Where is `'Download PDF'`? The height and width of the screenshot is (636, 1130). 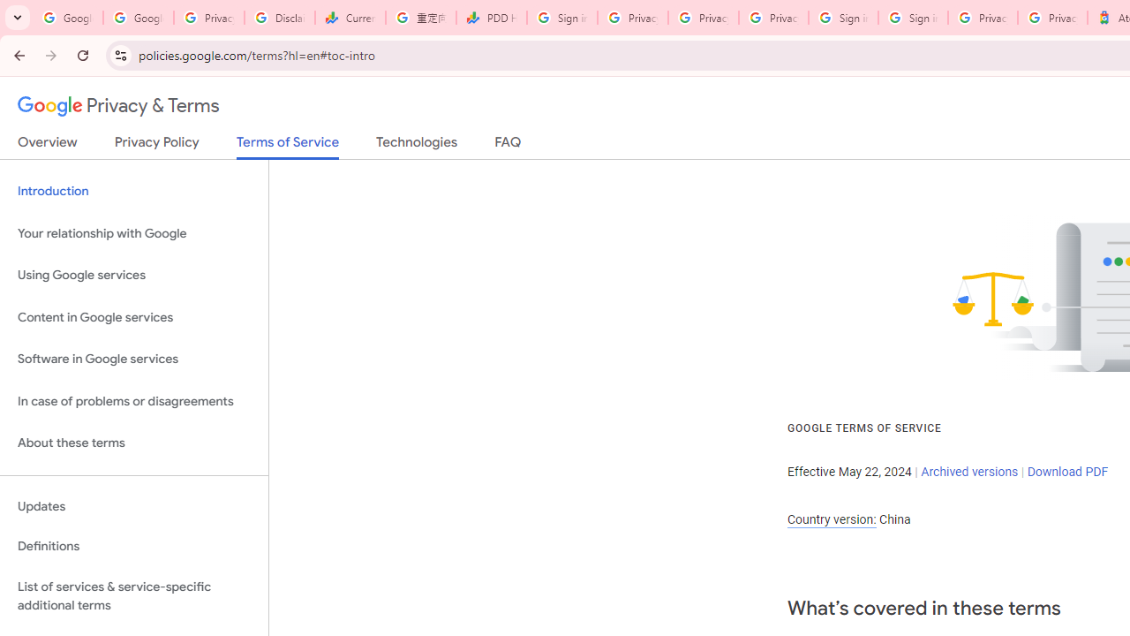 'Download PDF' is located at coordinates (1066, 470).